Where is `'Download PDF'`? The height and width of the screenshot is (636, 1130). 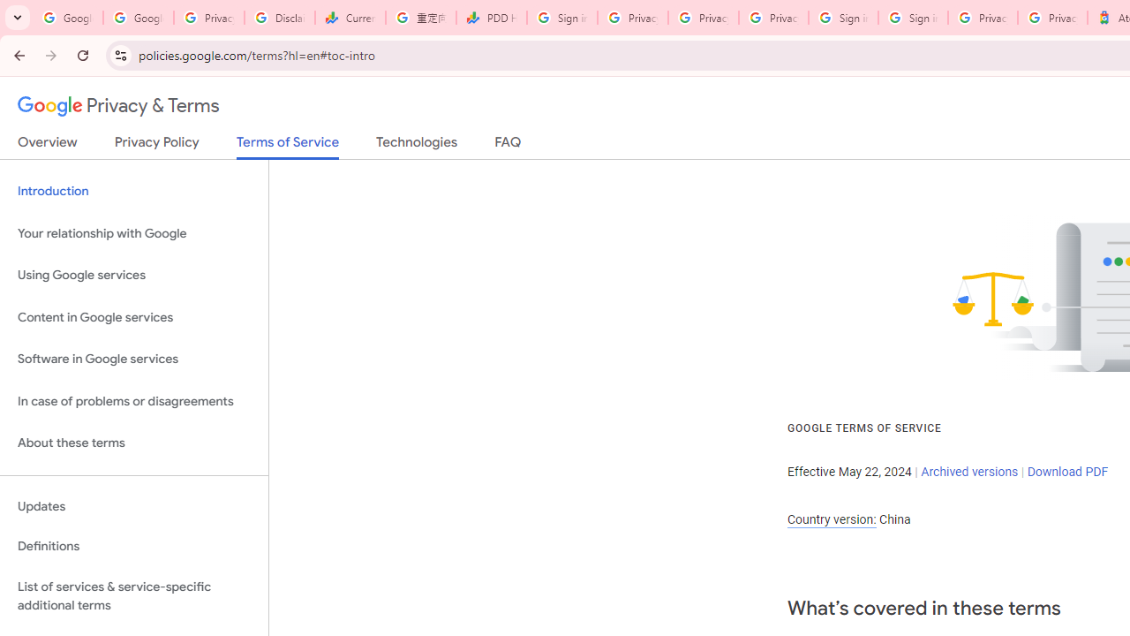 'Download PDF' is located at coordinates (1066, 470).